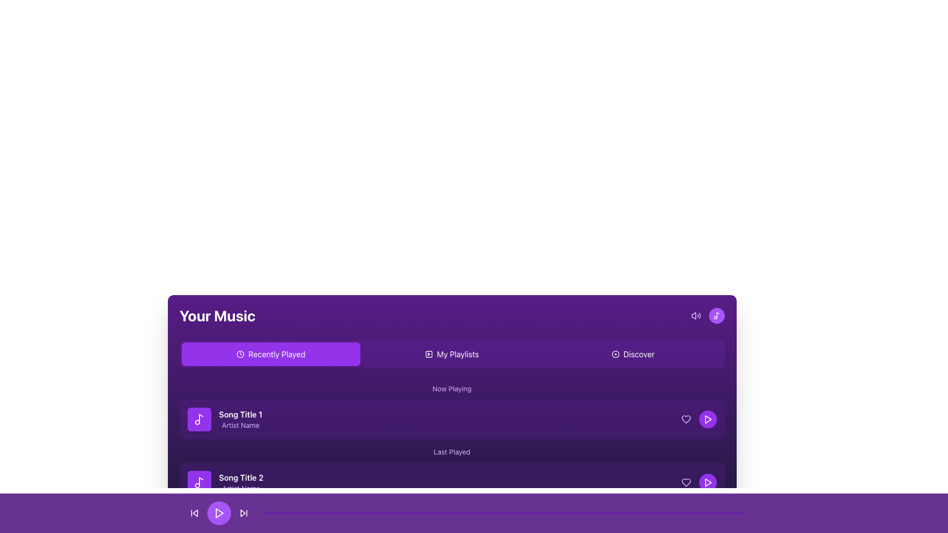 This screenshot has width=948, height=533. What do you see at coordinates (224, 419) in the screenshot?
I see `the first List Item in the 'Your Music' section, which features a purple background, a musical note icon on the left, and displays the song's title and artist's name` at bounding box center [224, 419].